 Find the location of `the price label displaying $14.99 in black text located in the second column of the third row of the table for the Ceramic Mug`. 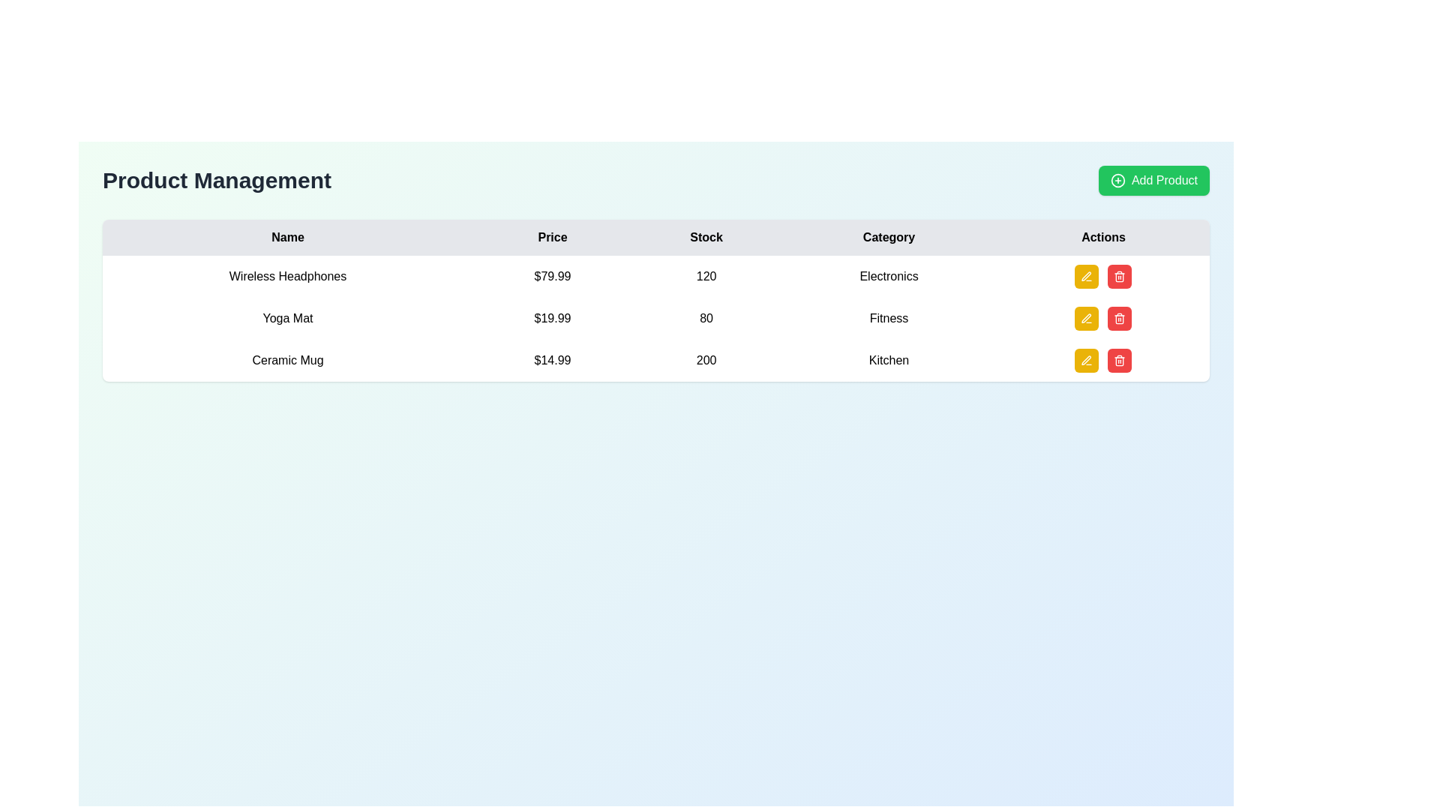

the price label displaying $14.99 in black text located in the second column of the third row of the table for the Ceramic Mug is located at coordinates (552, 361).